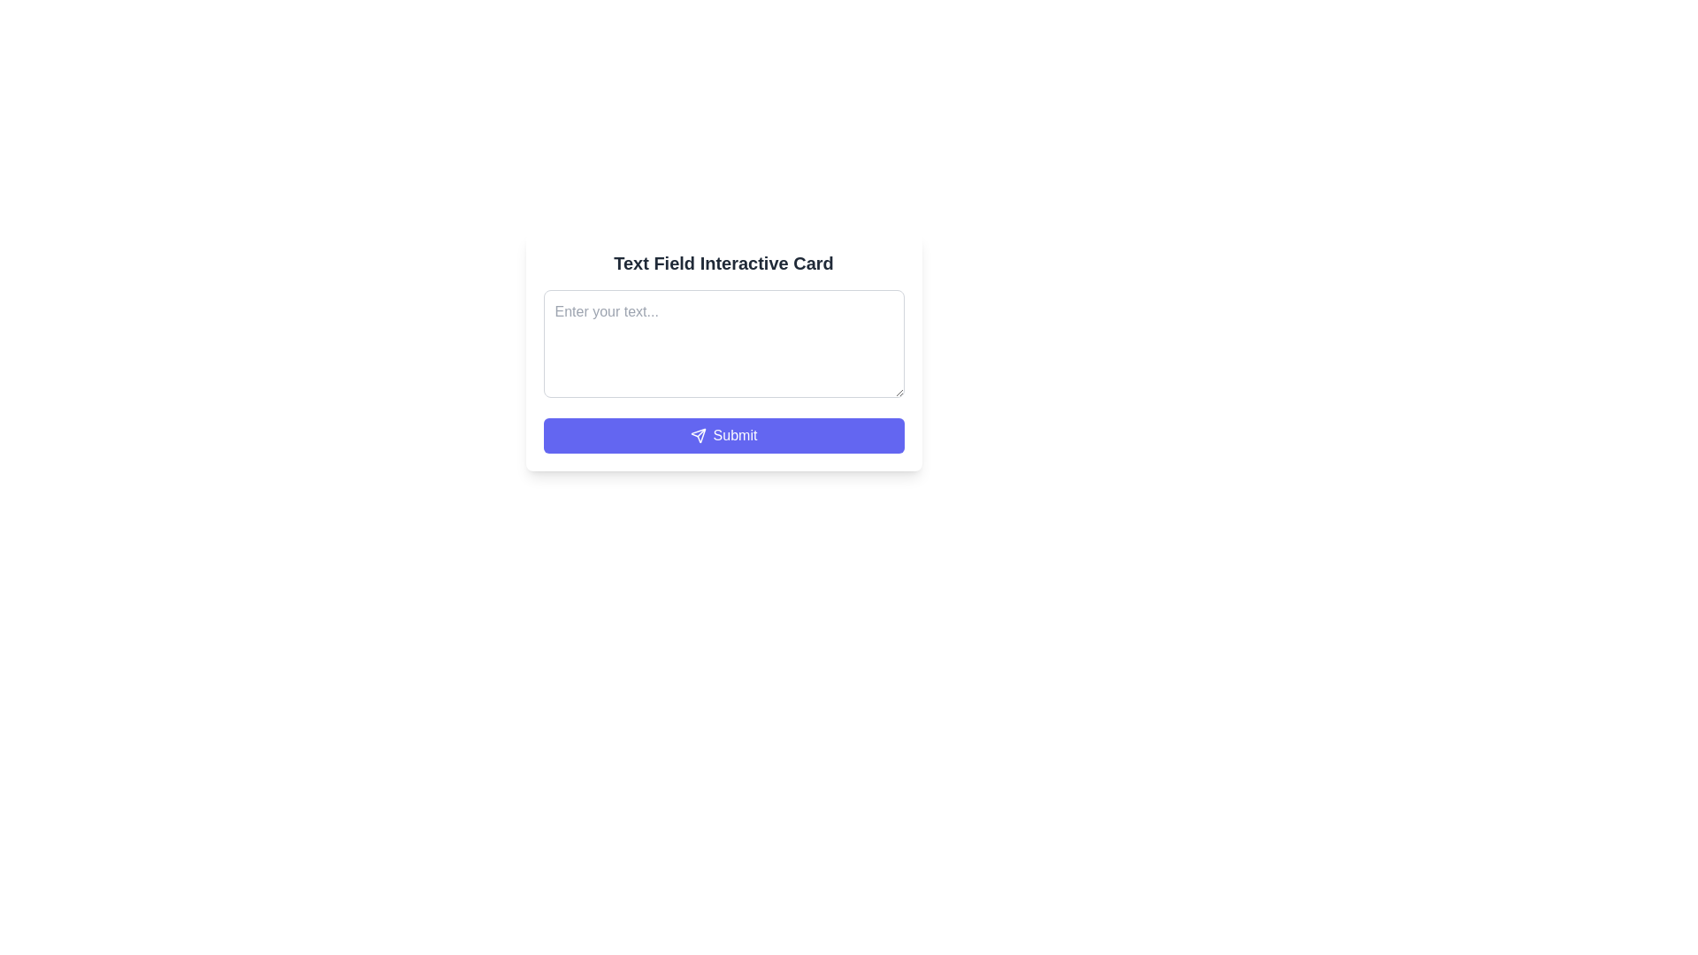 The height and width of the screenshot is (955, 1698). What do you see at coordinates (697, 436) in the screenshot?
I see `the paper plane icon located inside the 'Submit' button with a purple background` at bounding box center [697, 436].